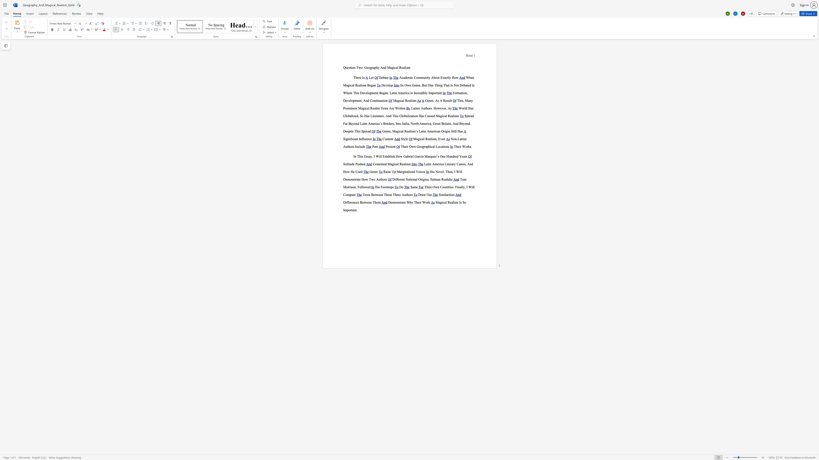  What do you see at coordinates (460, 92) in the screenshot?
I see `the space between the continuous character "m" and "a" in the text` at bounding box center [460, 92].